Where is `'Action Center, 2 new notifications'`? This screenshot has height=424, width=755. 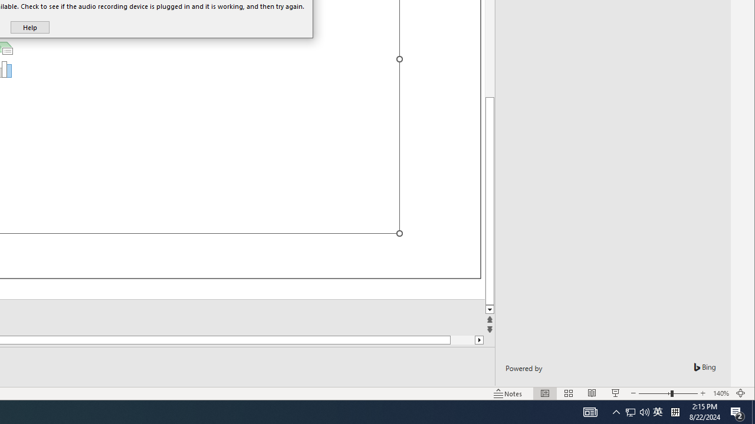
'Action Center, 2 new notifications' is located at coordinates (737, 411).